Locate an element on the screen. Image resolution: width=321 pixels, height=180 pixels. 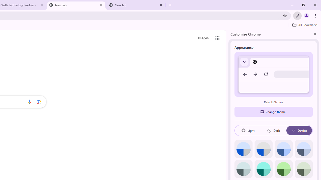
'Change theme' is located at coordinates (273, 111).